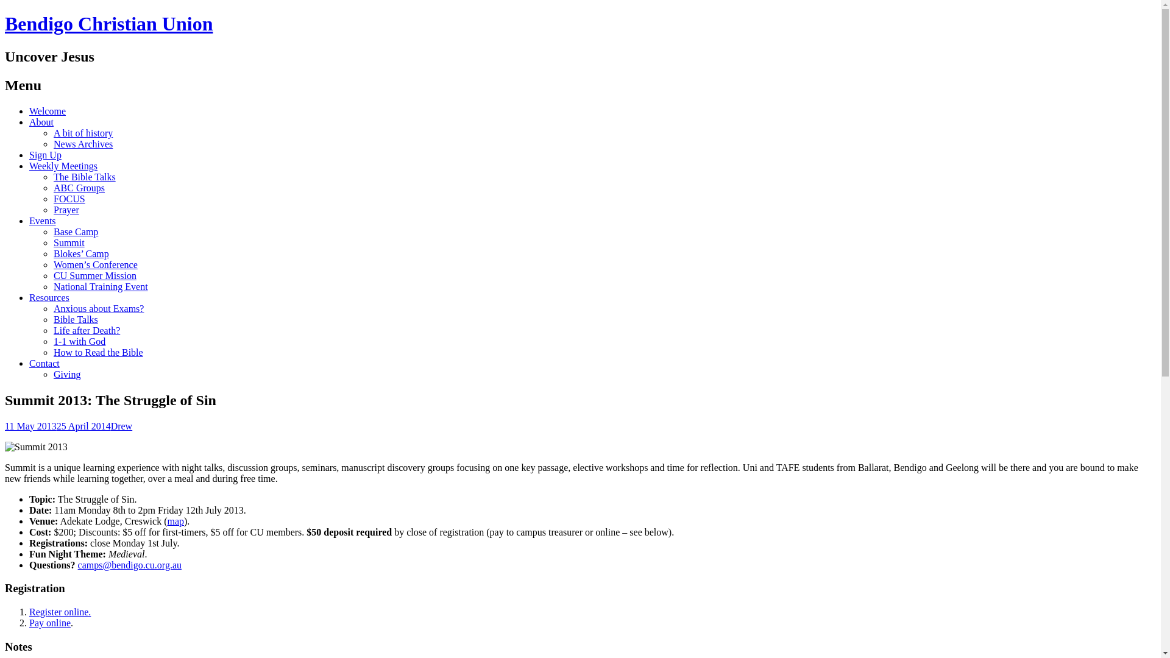  I want to click on 'Life after Death?', so click(52, 330).